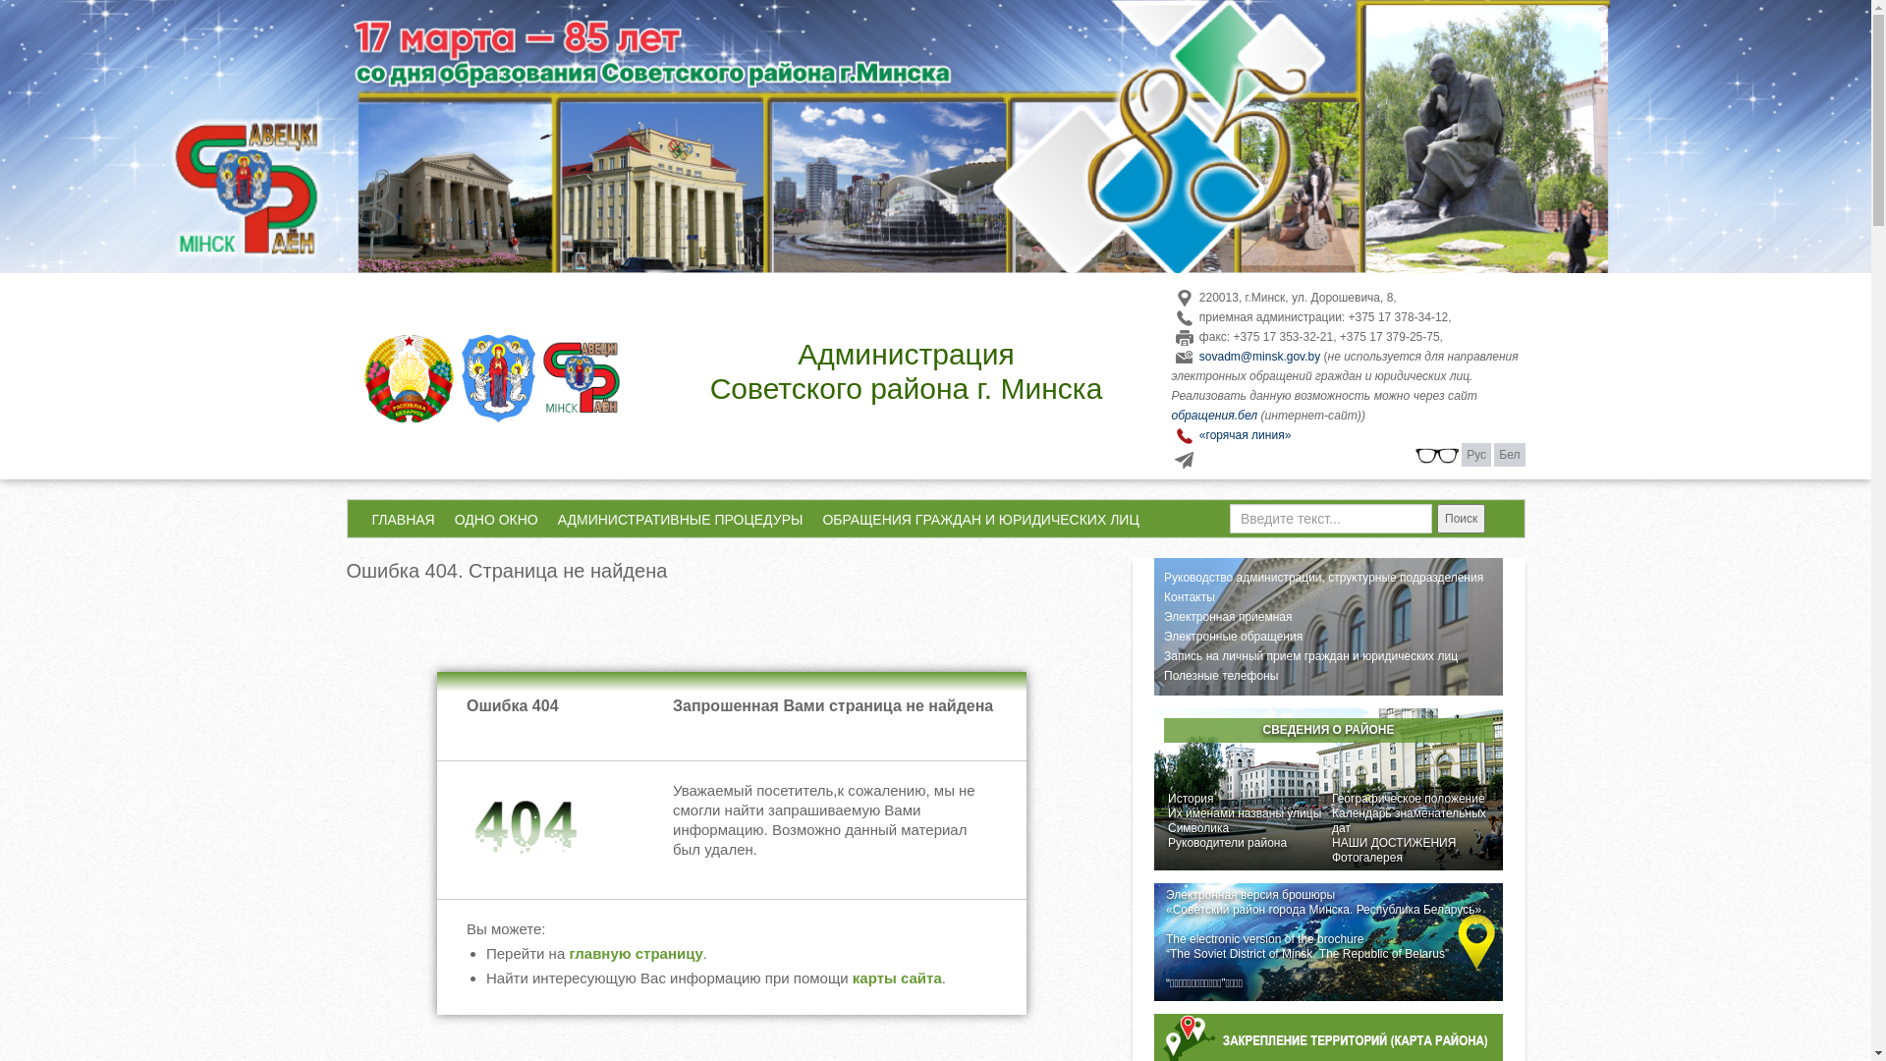  Describe the element at coordinates (1259, 356) in the screenshot. I see `'sovadm@minsk.gov.by'` at that location.